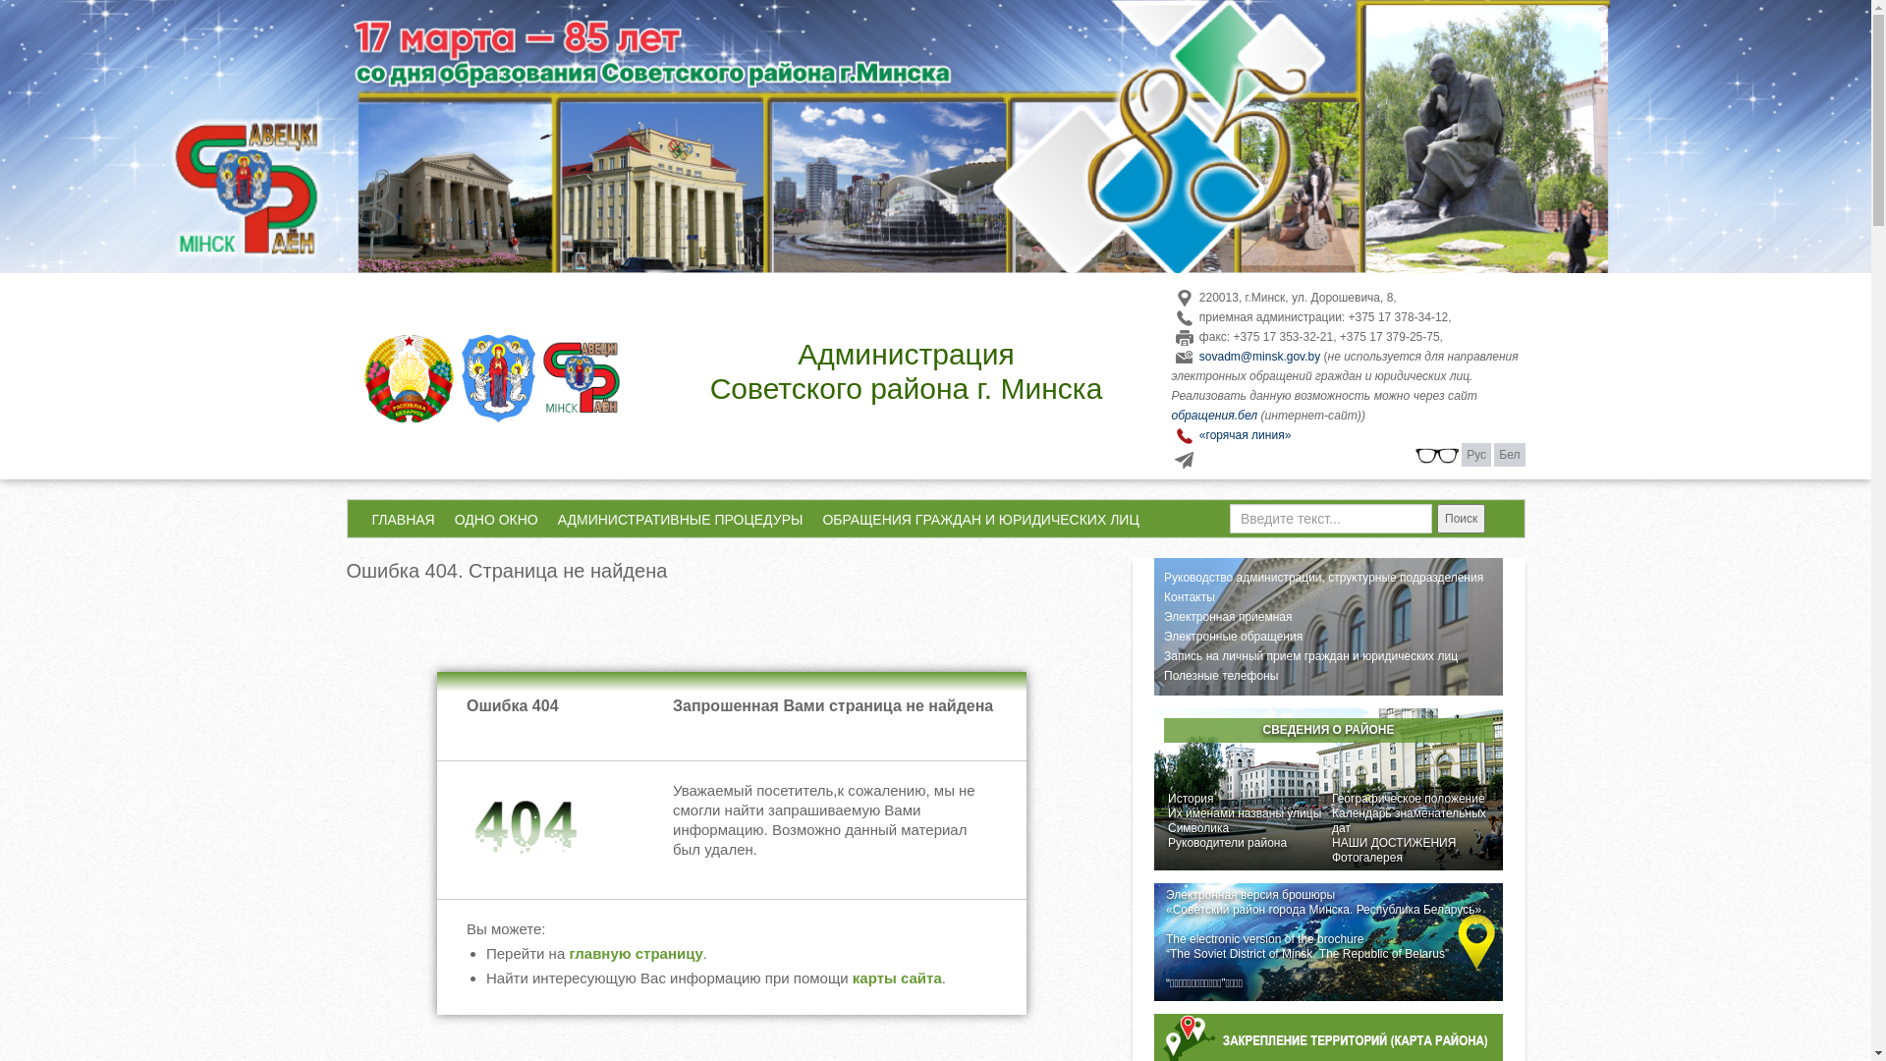  Describe the element at coordinates (1259, 356) in the screenshot. I see `'sovadm@minsk.gov.by'` at that location.